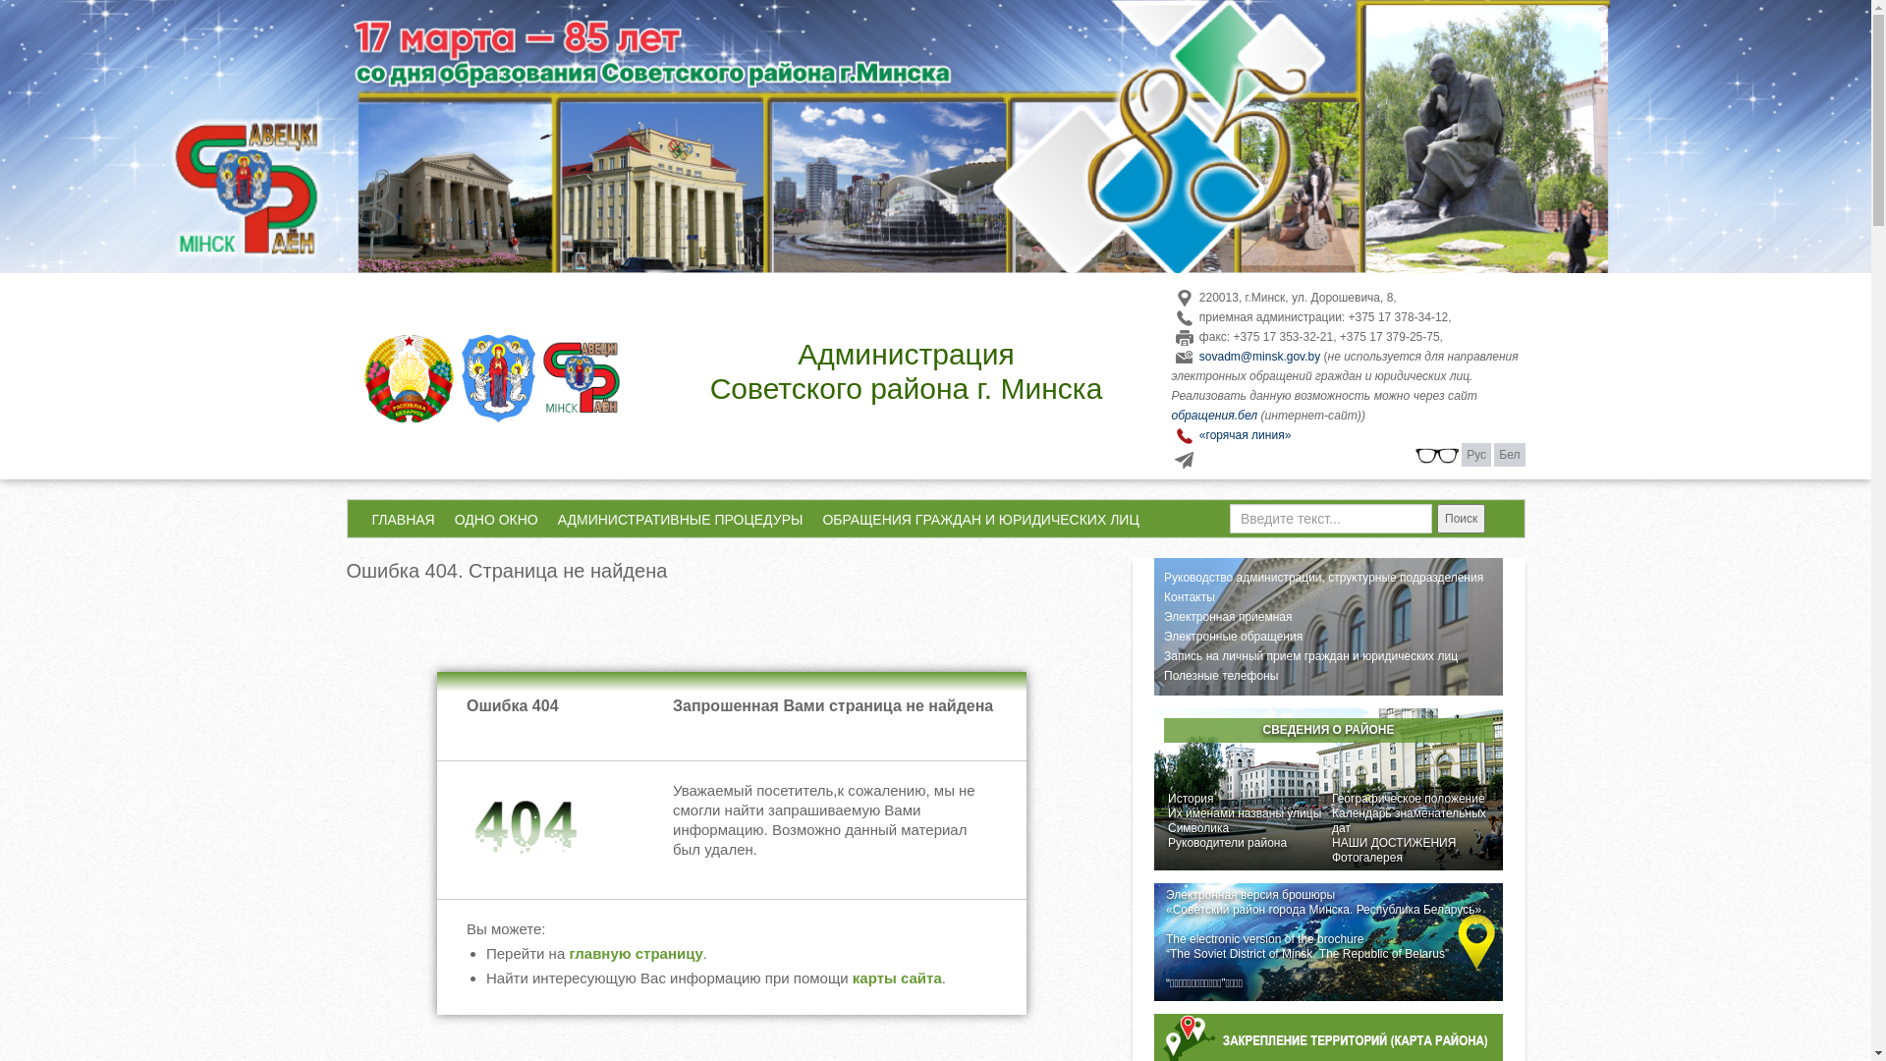  Describe the element at coordinates (1259, 356) in the screenshot. I see `'sovadm@minsk.gov.by'` at that location.